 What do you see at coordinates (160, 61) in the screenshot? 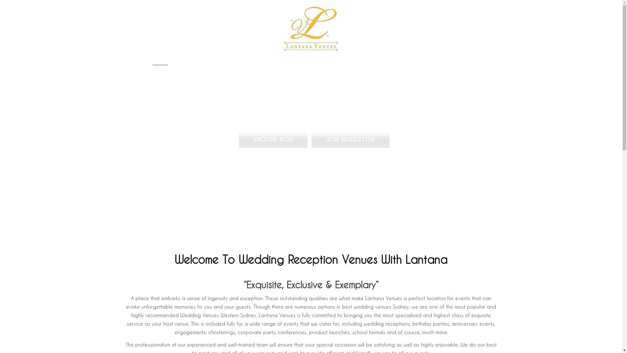
I see `'HOME'` at bounding box center [160, 61].